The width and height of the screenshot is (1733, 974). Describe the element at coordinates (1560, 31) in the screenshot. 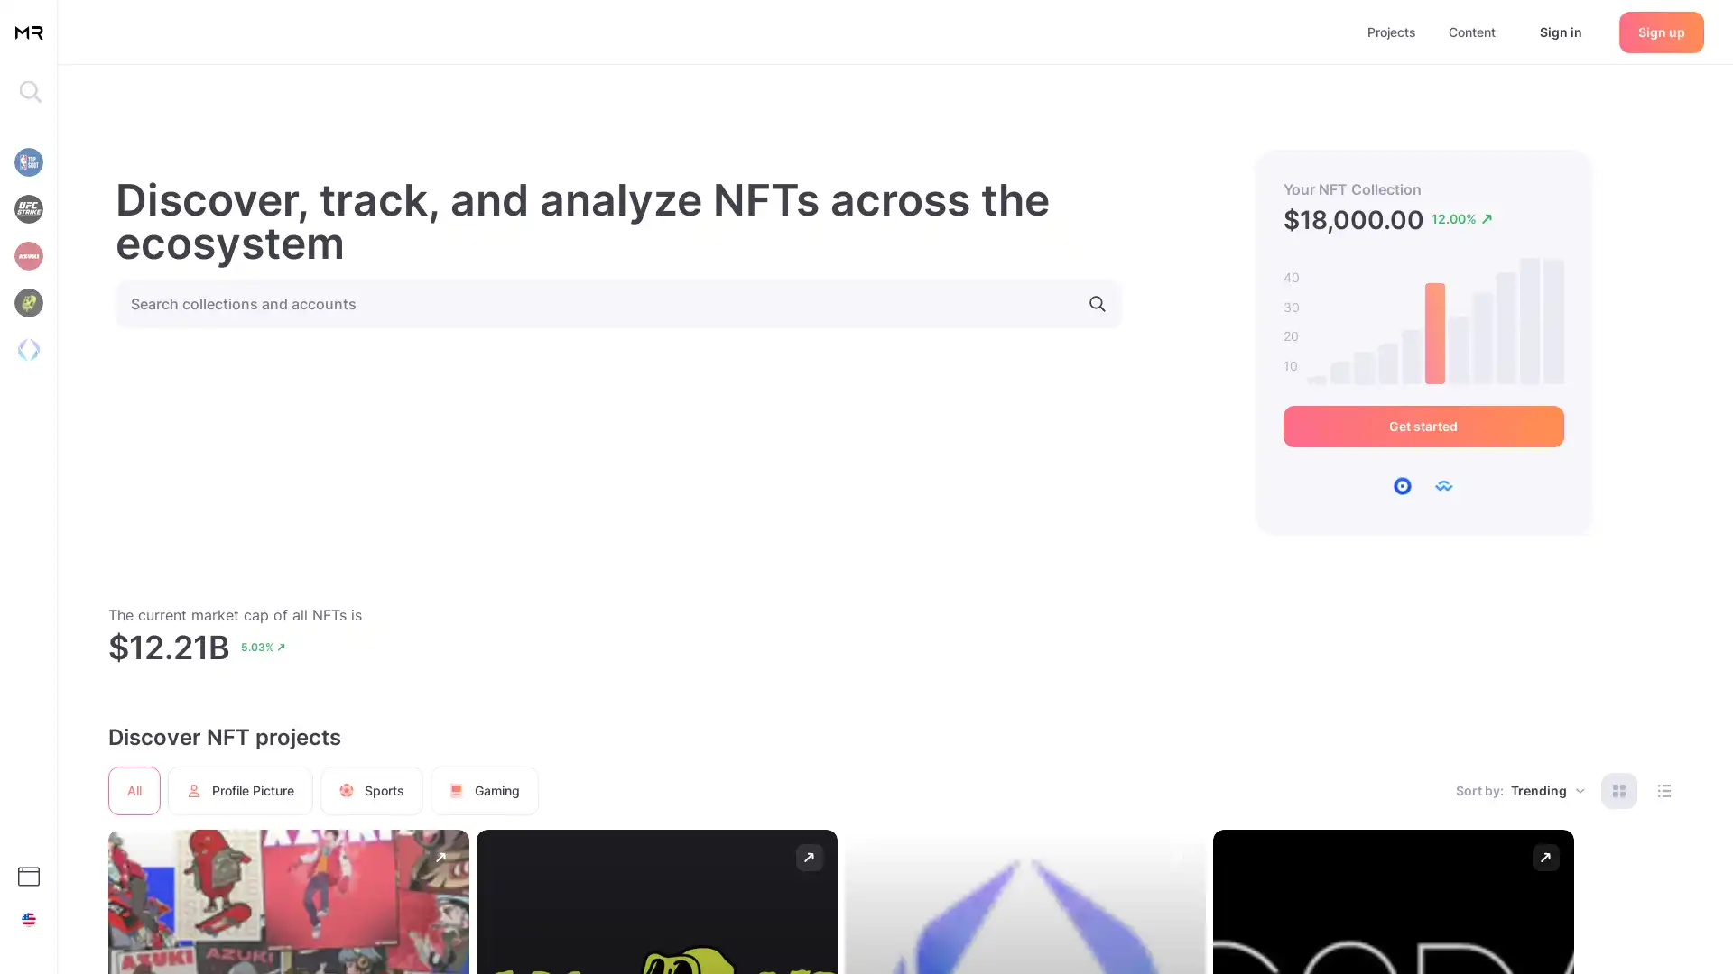

I see `Sign in` at that location.